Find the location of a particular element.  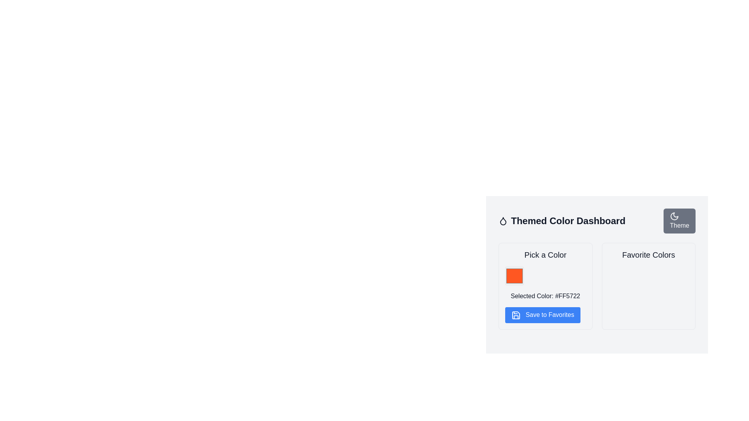

the save icon inside the blue rounded button labeled 'Save to Favorites' is located at coordinates (516, 314).